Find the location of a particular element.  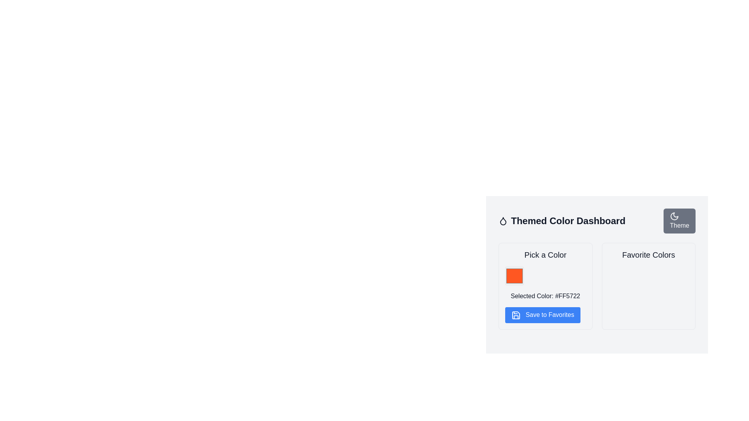

the save icon inside the blue rounded button labeled 'Save to Favorites' is located at coordinates (516, 314).